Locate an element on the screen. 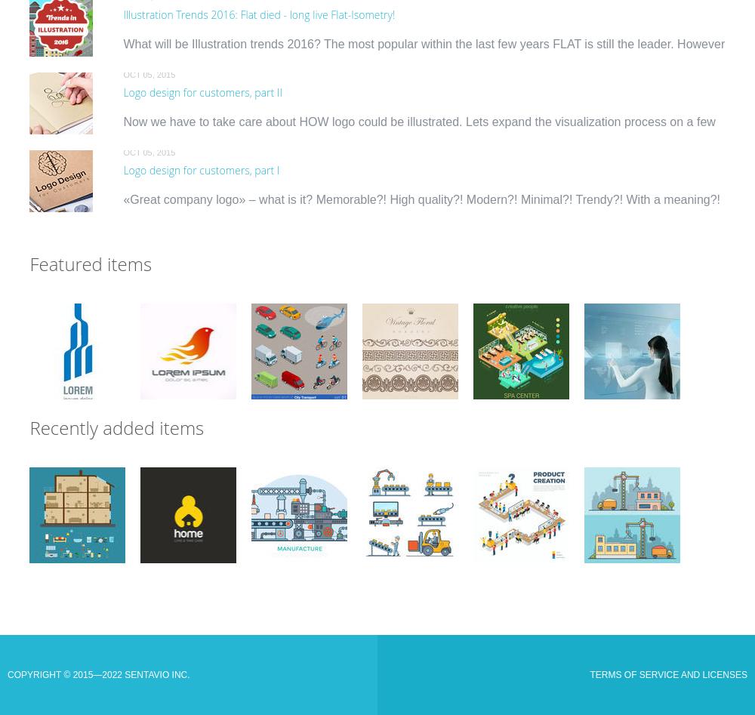 The width and height of the screenshot is (755, 715). 'Now we have to take care about HOW logo could be illustrated. Lets expand the visualization process on a few simple steps.' is located at coordinates (419, 129).